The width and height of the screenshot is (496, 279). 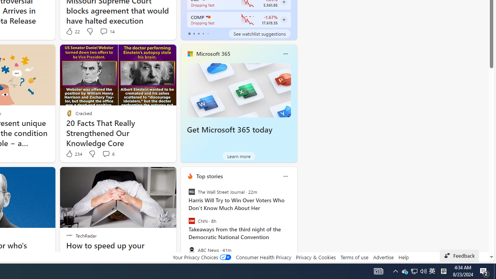 What do you see at coordinates (103, 31) in the screenshot?
I see `'View comments 14 Comment'` at bounding box center [103, 31].